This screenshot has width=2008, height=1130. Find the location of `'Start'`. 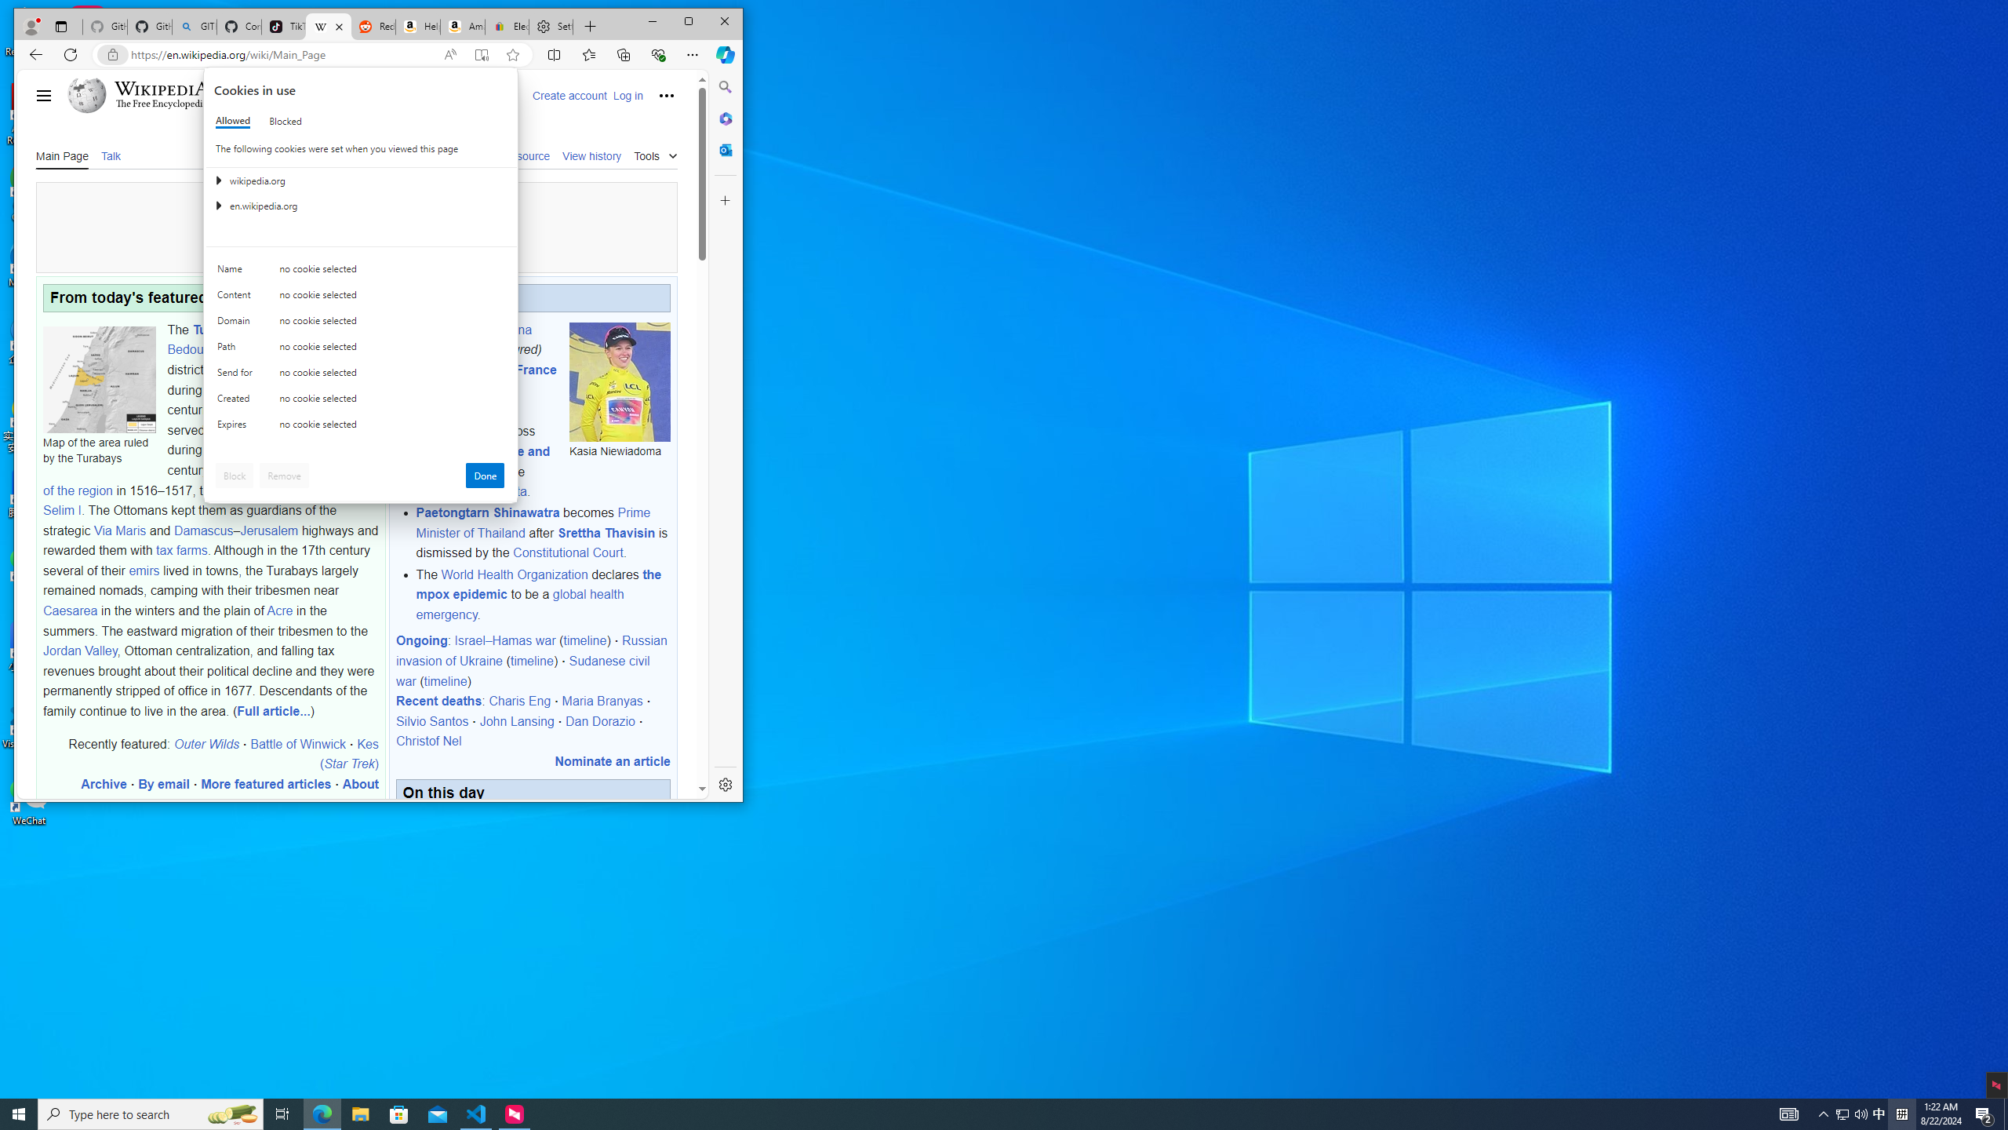

'Start' is located at coordinates (19, 1113).